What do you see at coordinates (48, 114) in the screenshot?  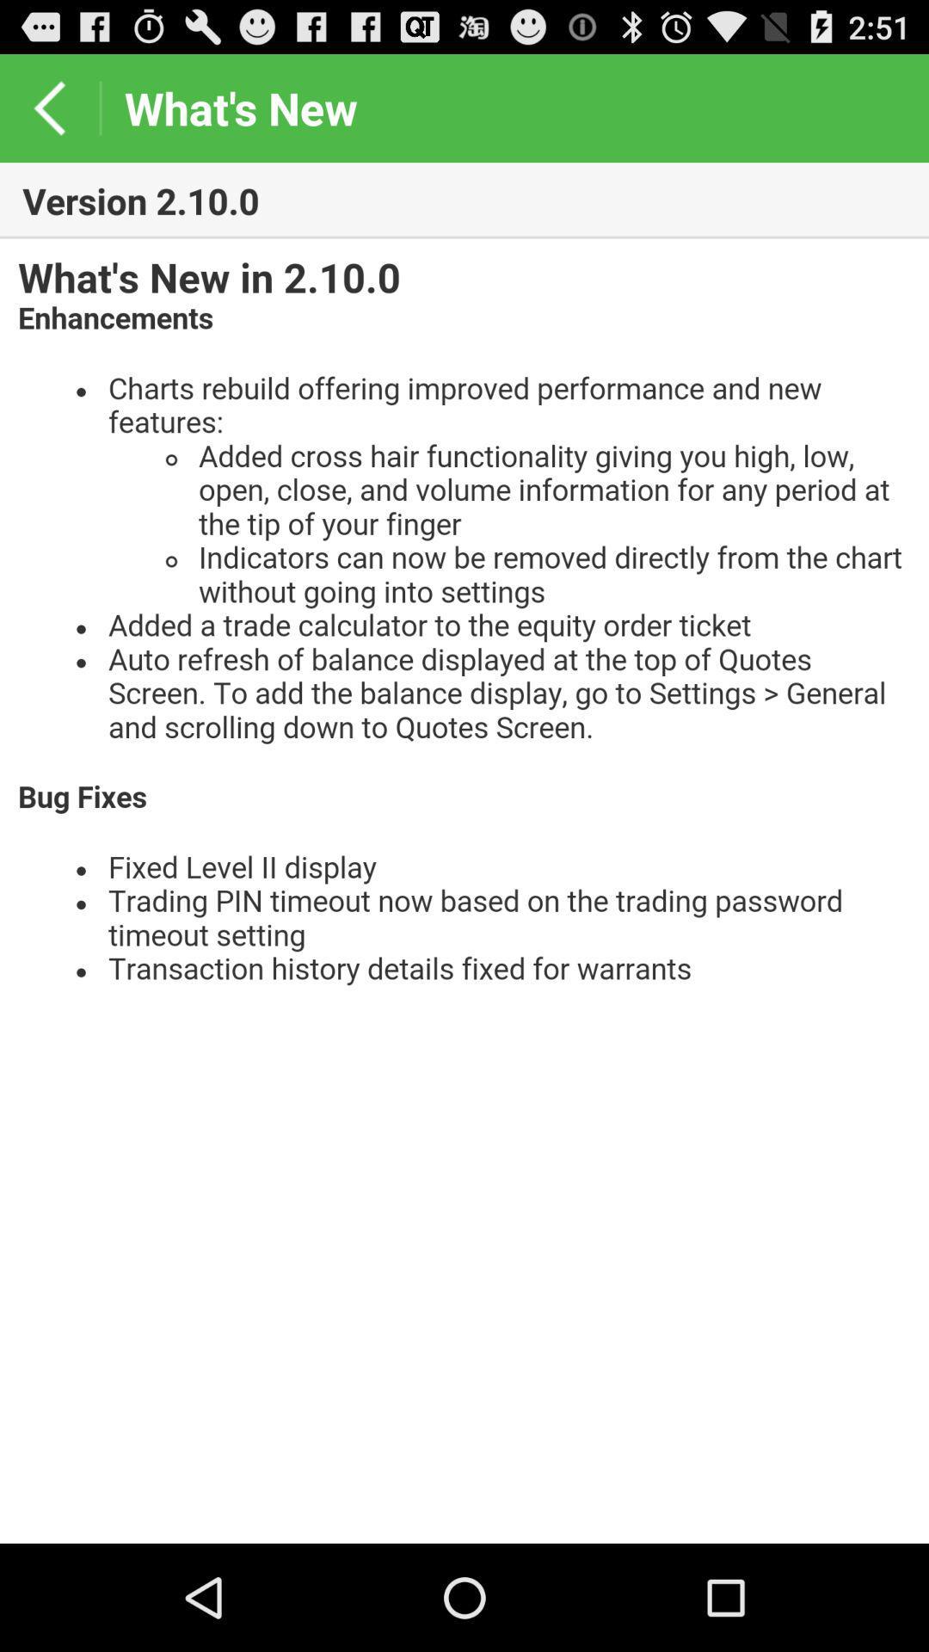 I see `the arrow_backward icon` at bounding box center [48, 114].